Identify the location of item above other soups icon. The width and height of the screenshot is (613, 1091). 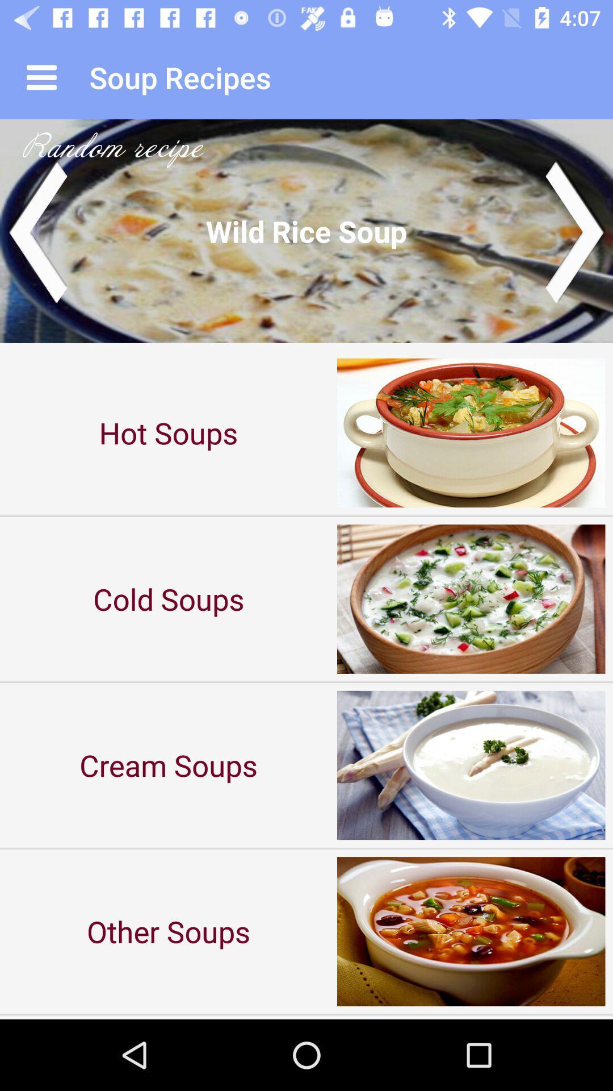
(169, 765).